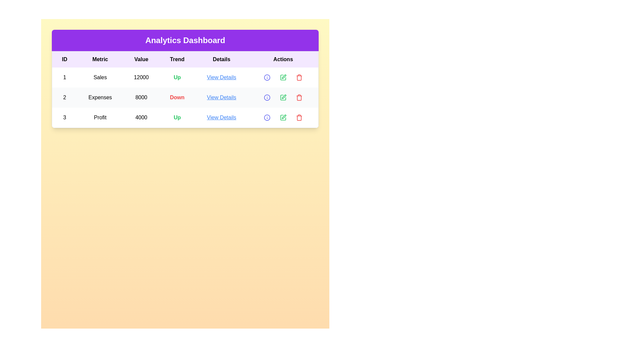  I want to click on the text label displaying the number '8000' in black font, located in the second row of the table under the 'Value' column, so click(141, 98).